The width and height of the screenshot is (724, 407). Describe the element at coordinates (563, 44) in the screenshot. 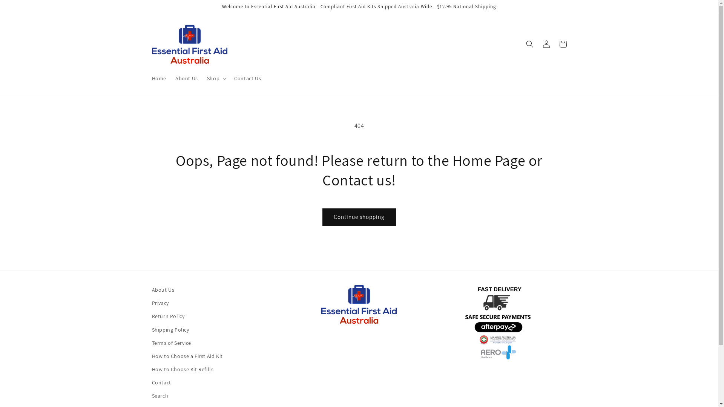

I see `'Cart'` at that location.